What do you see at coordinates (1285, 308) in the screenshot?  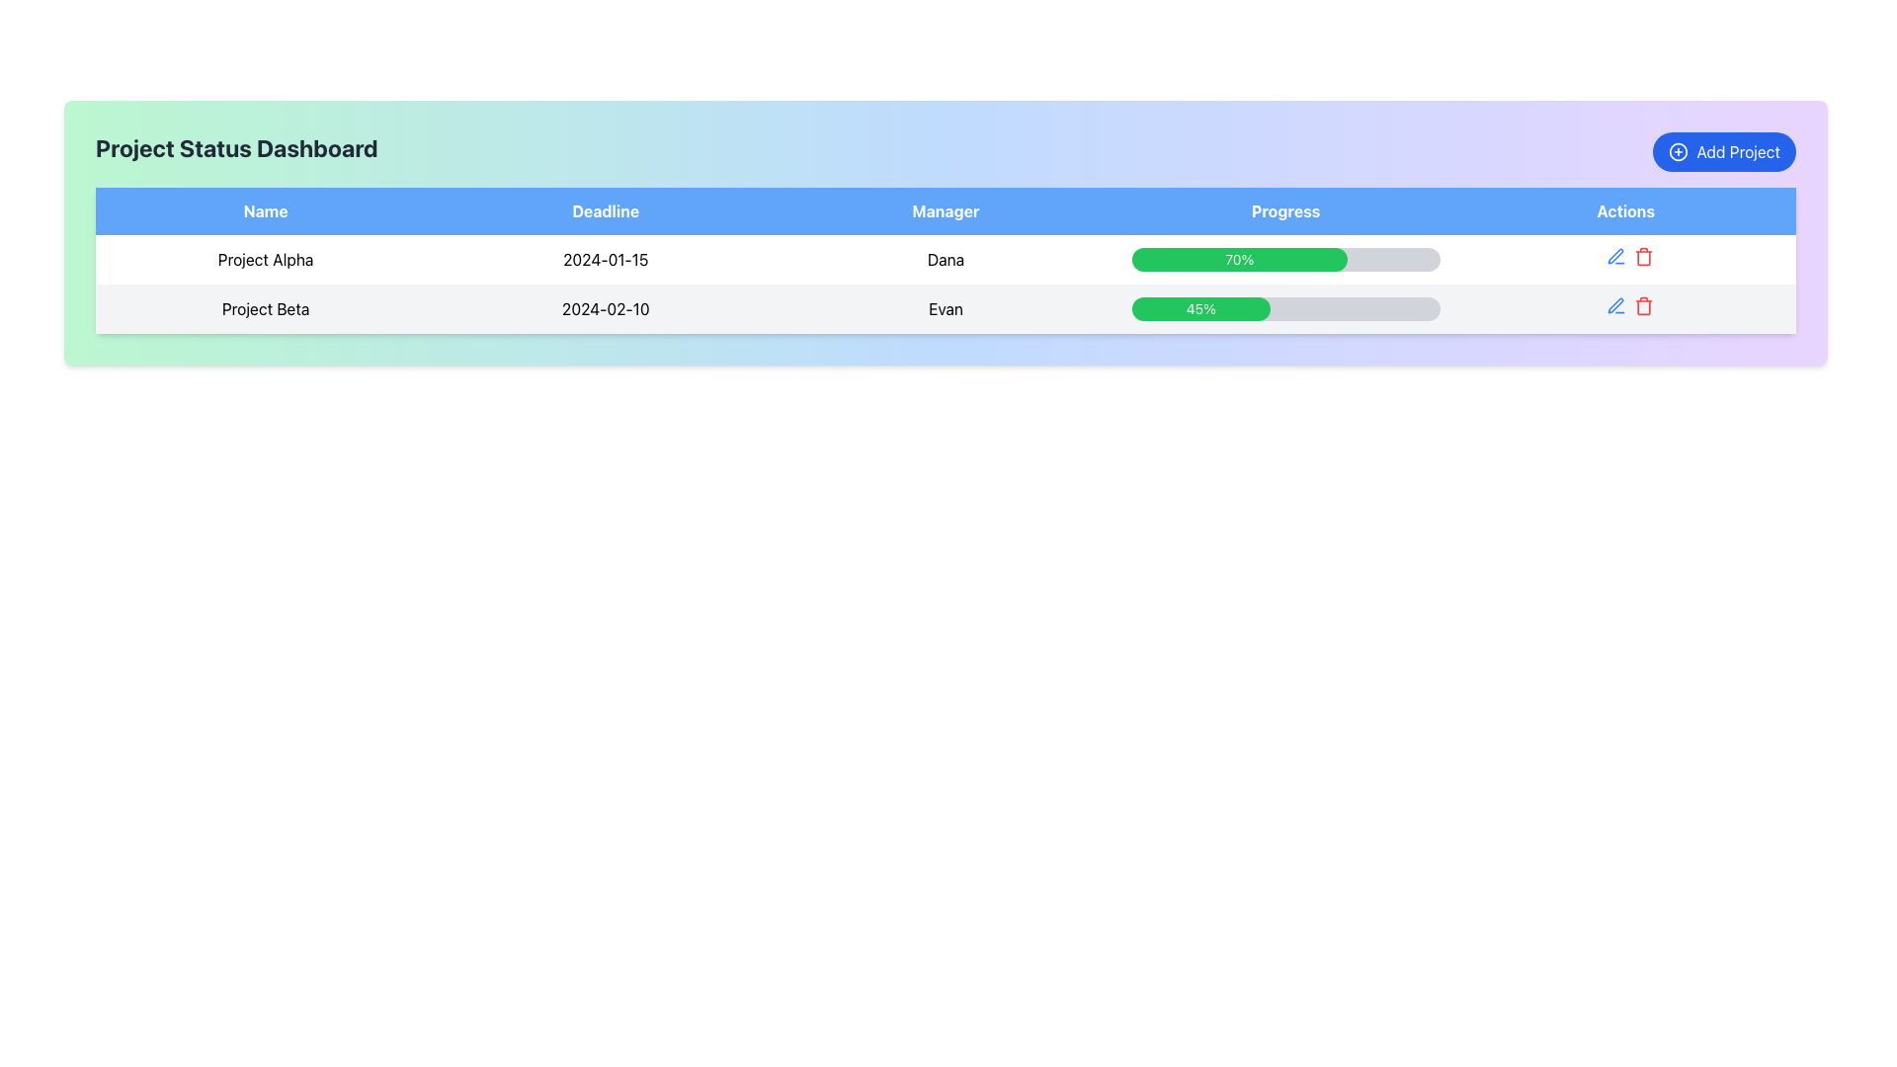 I see `the progress value displayed in the green section of the progress bar for 'Project Beta', which shows '45%'` at bounding box center [1285, 308].